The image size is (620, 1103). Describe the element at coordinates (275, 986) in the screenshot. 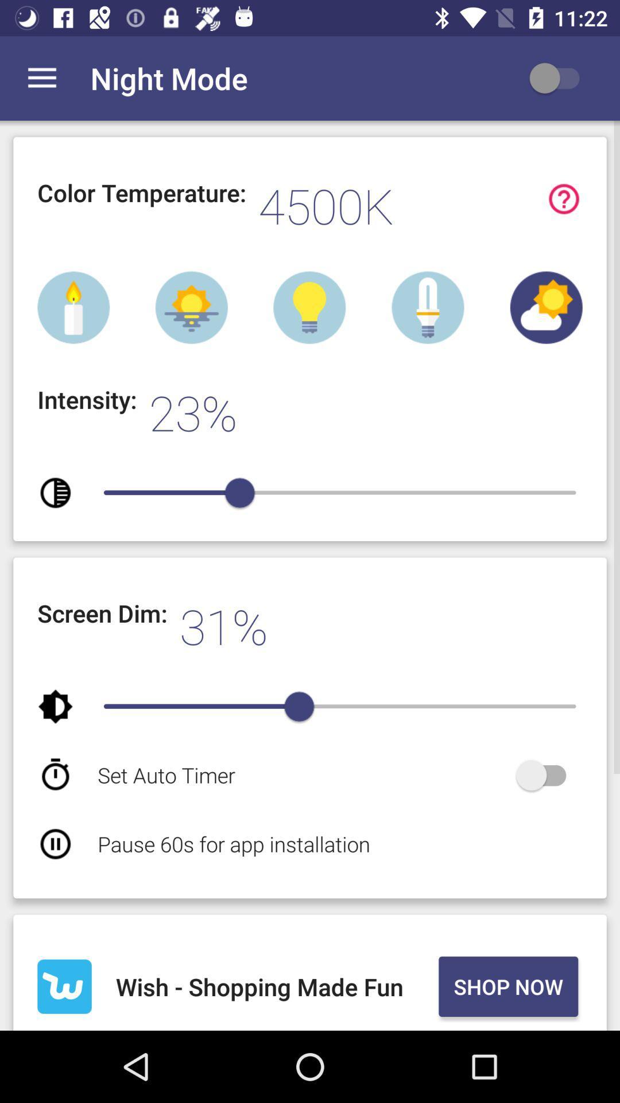

I see `icon next to shop now icon` at that location.